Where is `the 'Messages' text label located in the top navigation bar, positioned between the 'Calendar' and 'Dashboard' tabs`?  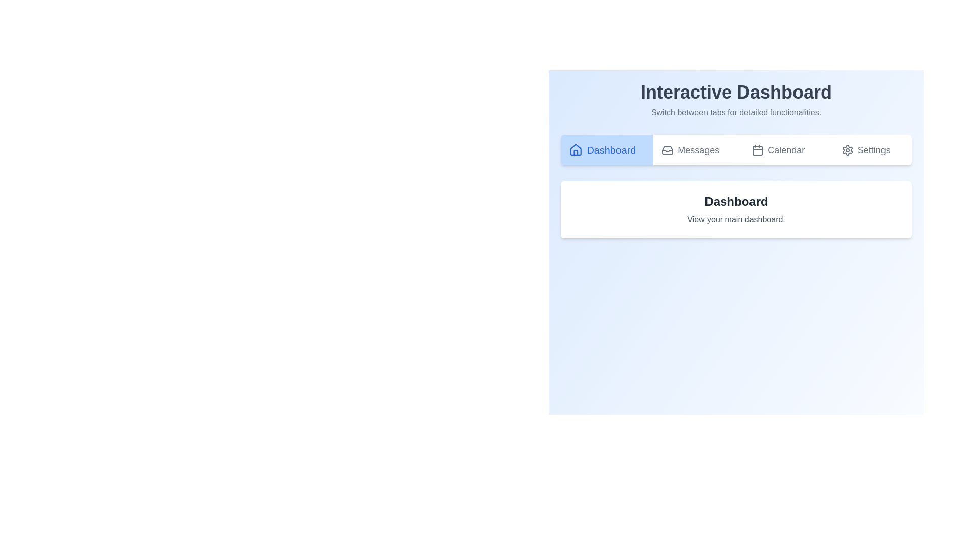
the 'Messages' text label located in the top navigation bar, positioned between the 'Calendar' and 'Dashboard' tabs is located at coordinates (698, 150).